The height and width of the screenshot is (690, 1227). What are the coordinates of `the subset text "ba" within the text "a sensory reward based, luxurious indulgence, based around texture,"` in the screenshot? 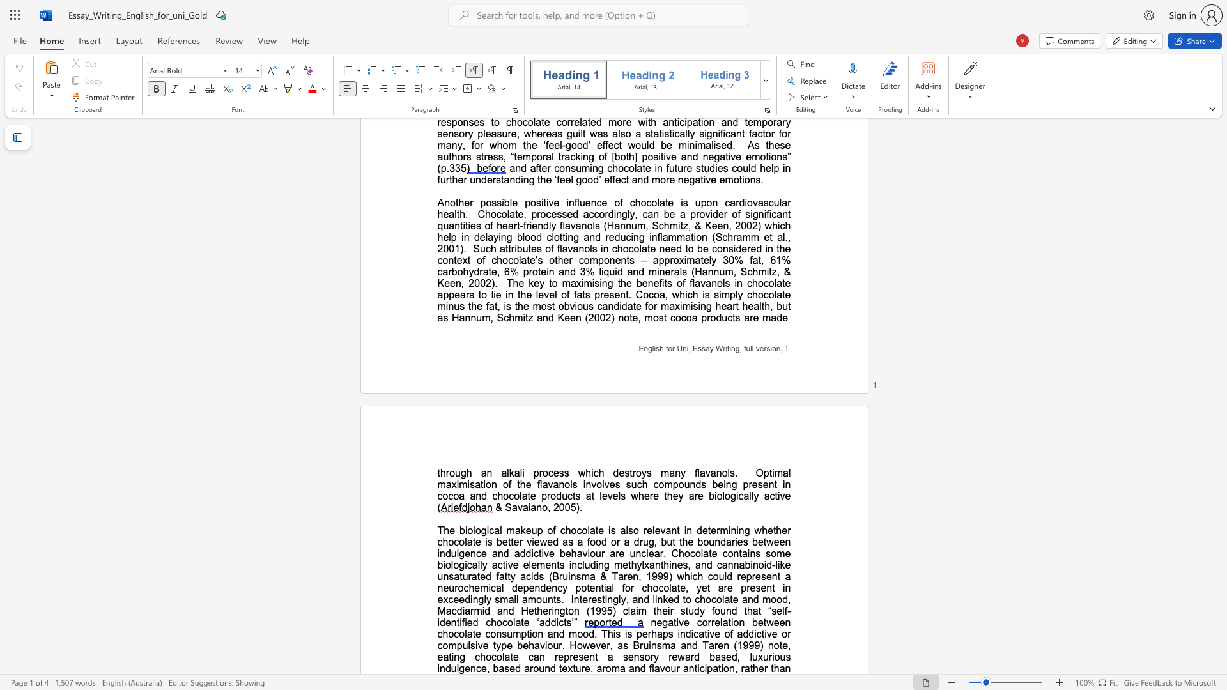 It's located at (492, 668).